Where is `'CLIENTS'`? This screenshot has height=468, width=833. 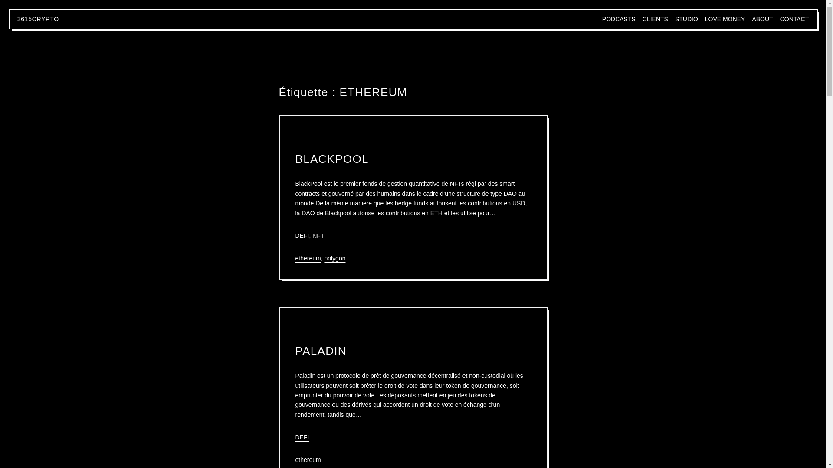
'CLIENTS' is located at coordinates (643, 19).